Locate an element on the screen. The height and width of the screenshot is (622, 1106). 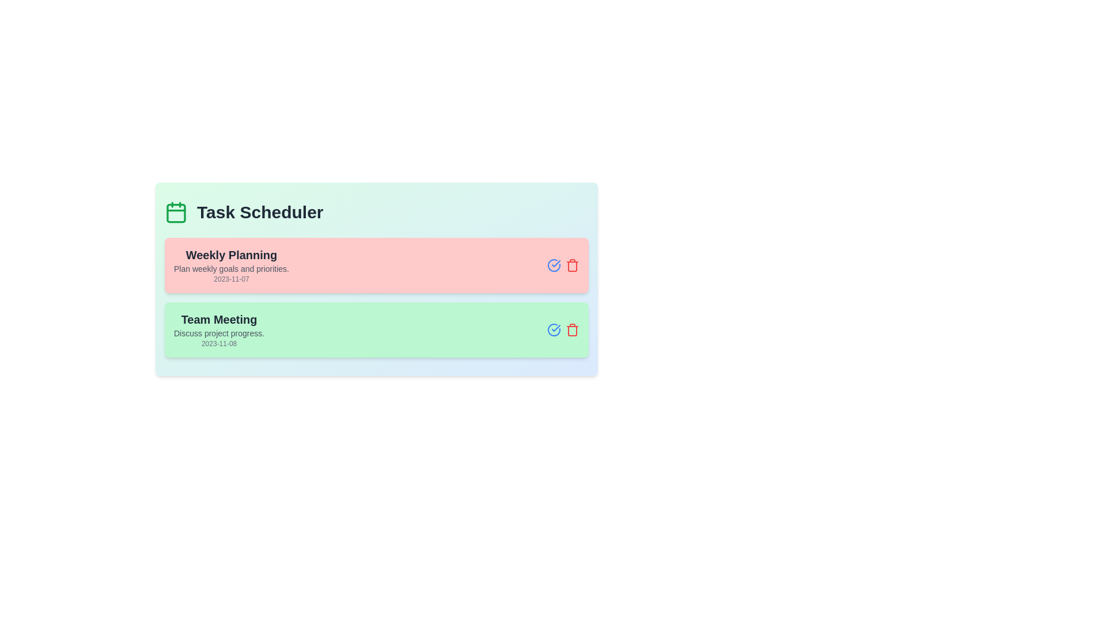
delete button for the task titled 'Team Meeting' is located at coordinates (572, 330).